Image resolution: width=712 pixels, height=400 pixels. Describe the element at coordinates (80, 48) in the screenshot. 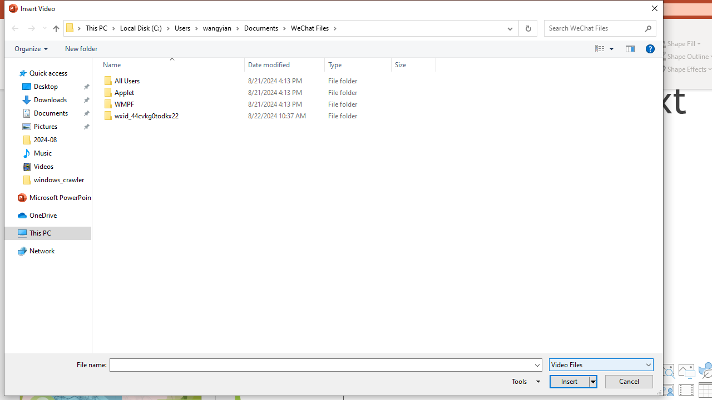

I see `'New folder'` at that location.